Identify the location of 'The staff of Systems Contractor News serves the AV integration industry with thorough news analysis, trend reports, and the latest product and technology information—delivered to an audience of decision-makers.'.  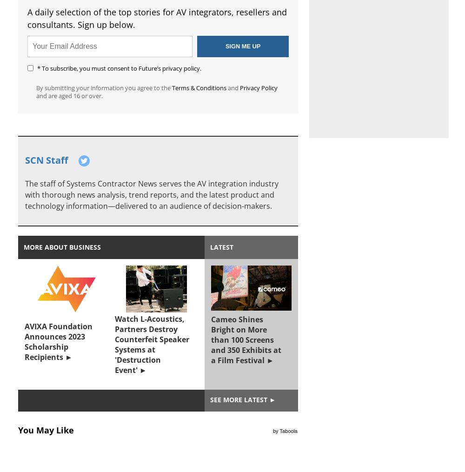
(151, 194).